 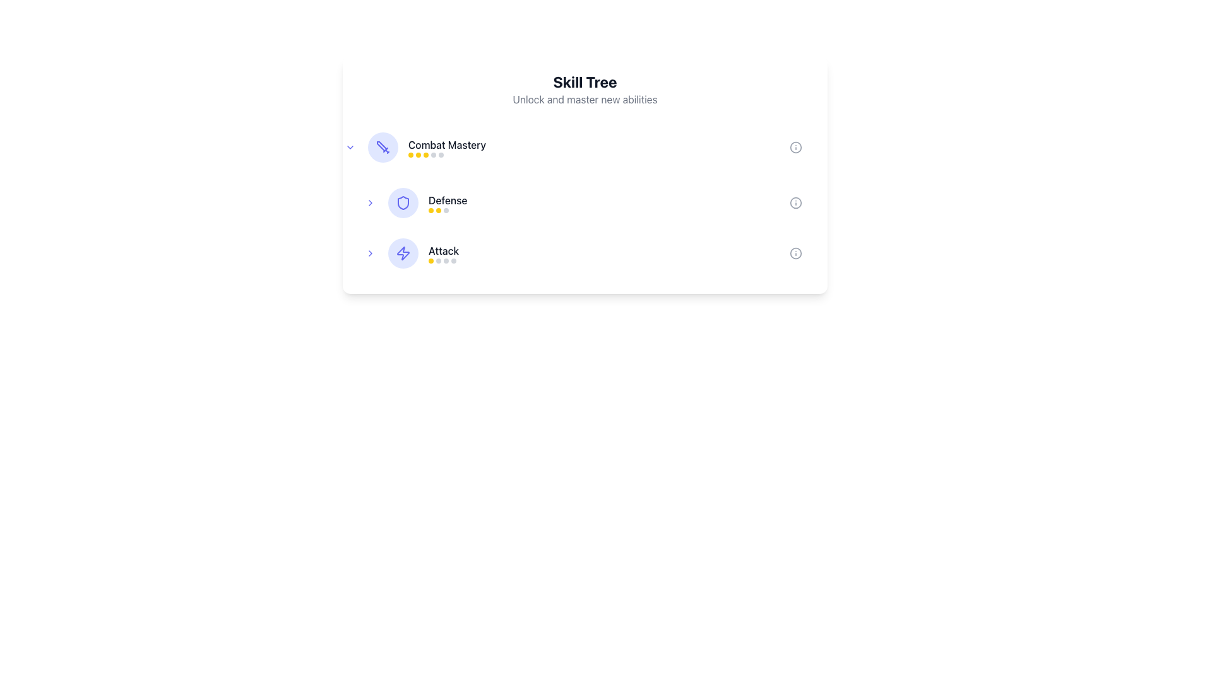 What do you see at coordinates (402, 202) in the screenshot?
I see `the indigo shield-shaped icon with rounded edges that is located to the left of the 'Defense' label in the skills interface` at bounding box center [402, 202].